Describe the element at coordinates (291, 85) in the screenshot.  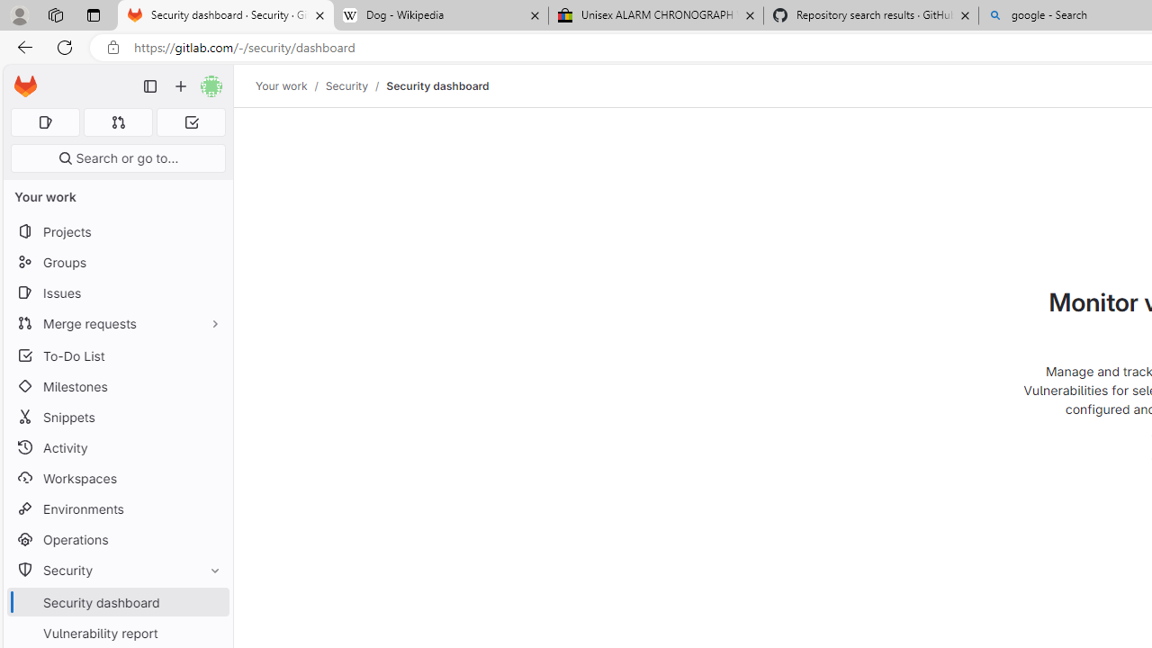
I see `'Your work/'` at that location.